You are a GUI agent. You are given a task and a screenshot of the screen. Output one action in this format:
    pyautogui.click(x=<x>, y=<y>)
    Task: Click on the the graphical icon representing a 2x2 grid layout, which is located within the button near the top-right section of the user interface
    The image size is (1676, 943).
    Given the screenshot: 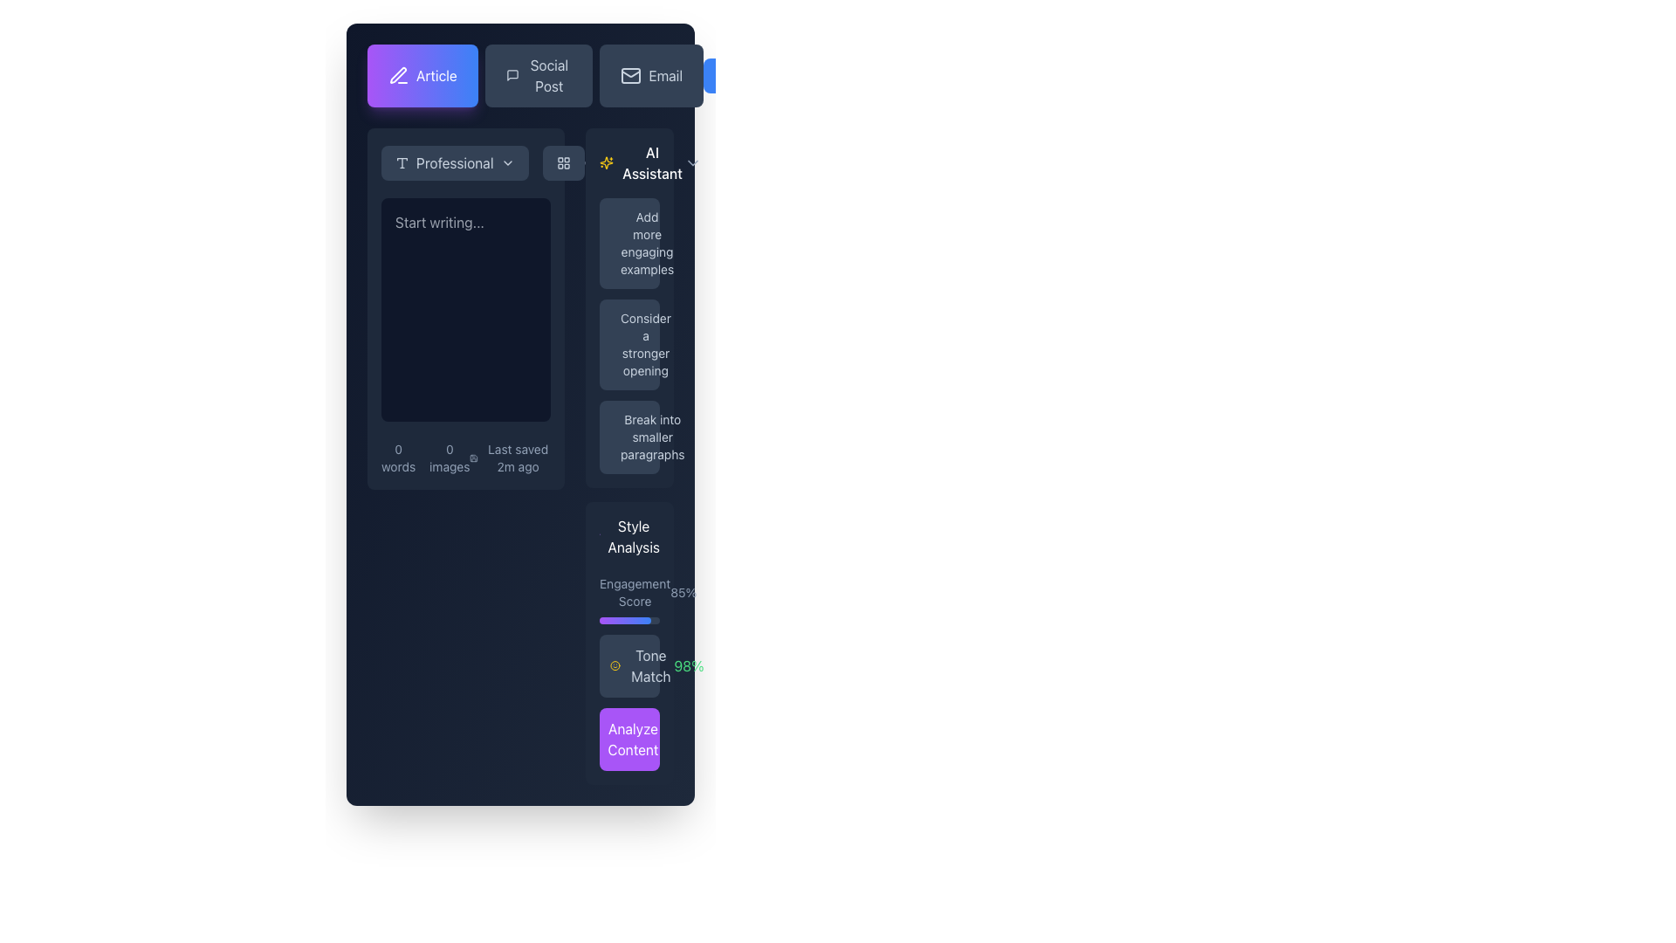 What is the action you would take?
    pyautogui.click(x=563, y=162)
    